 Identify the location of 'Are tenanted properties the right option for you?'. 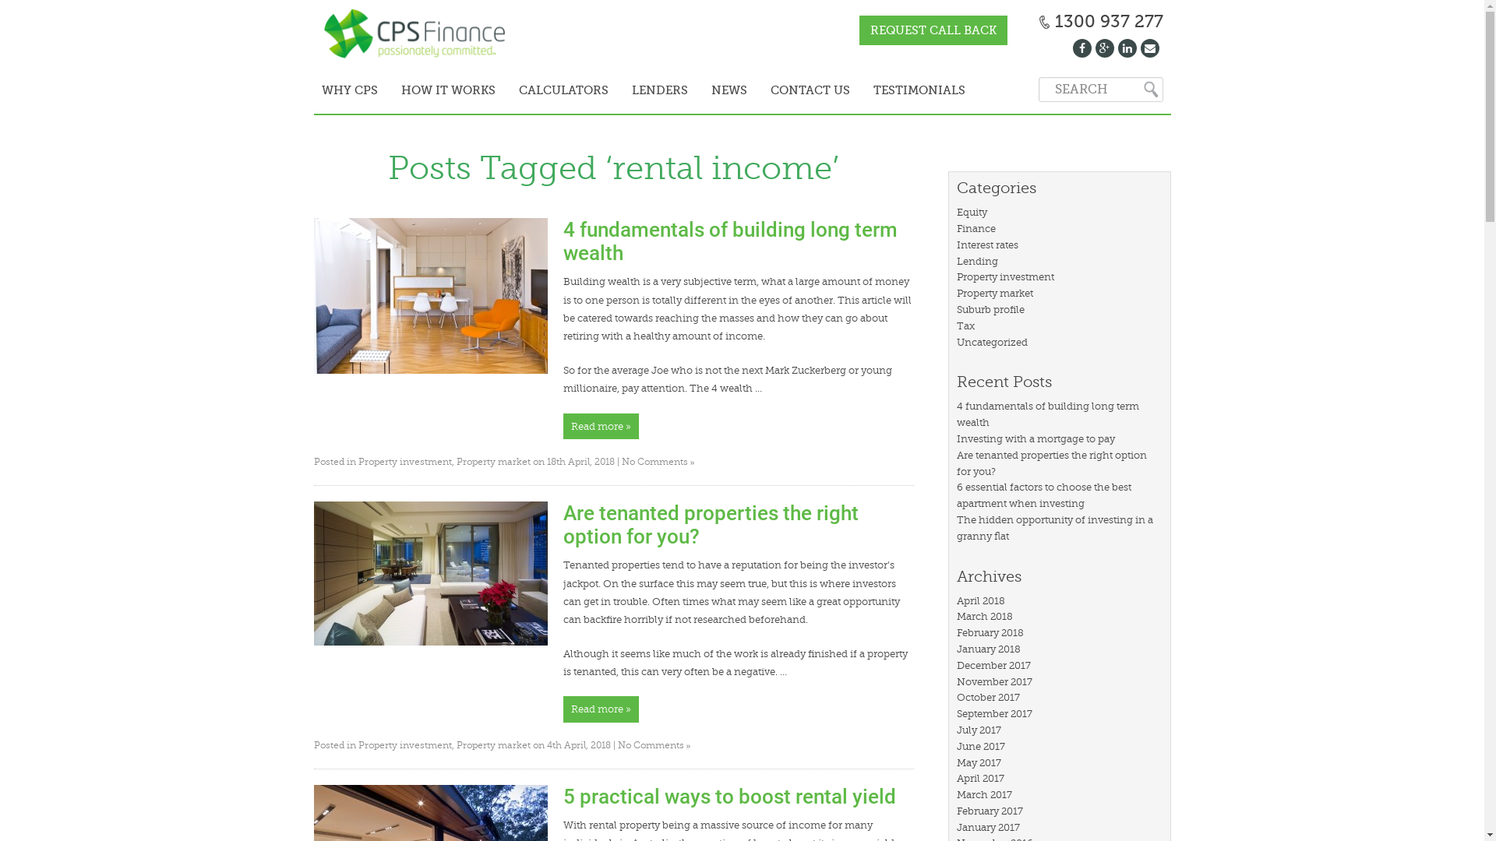
(709, 525).